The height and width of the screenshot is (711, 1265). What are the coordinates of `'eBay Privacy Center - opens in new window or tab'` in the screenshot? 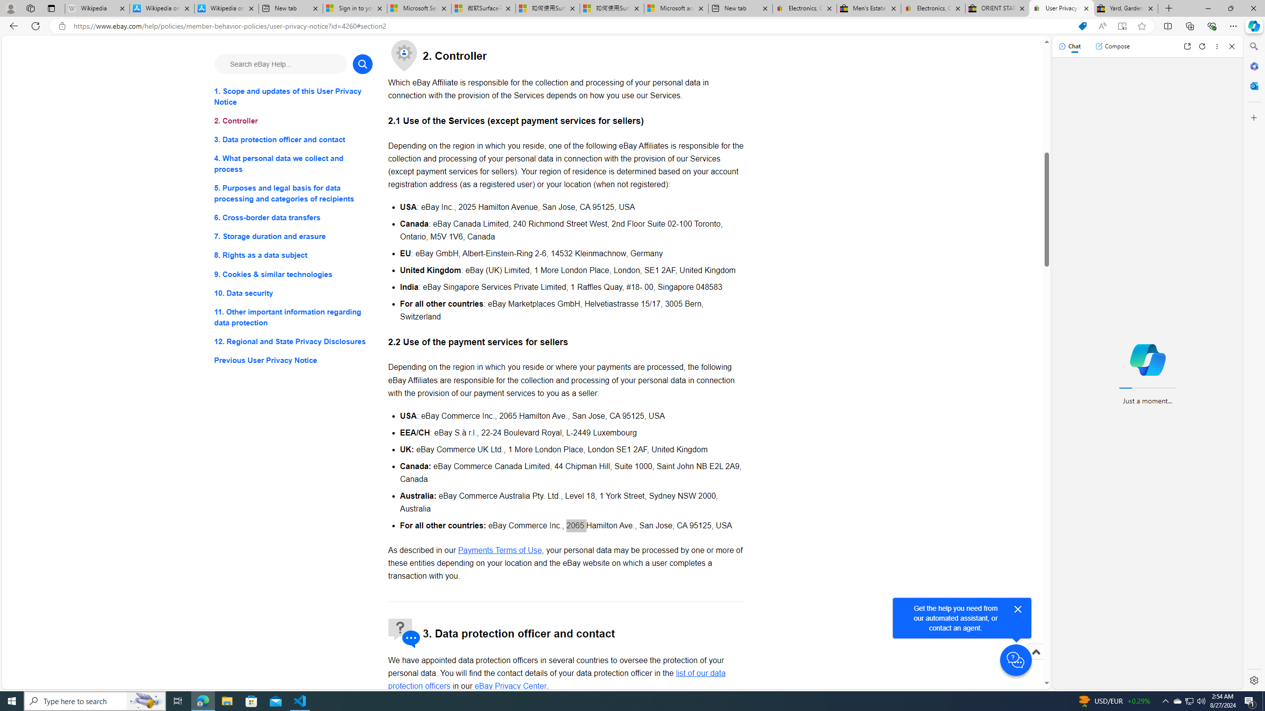 It's located at (509, 686).